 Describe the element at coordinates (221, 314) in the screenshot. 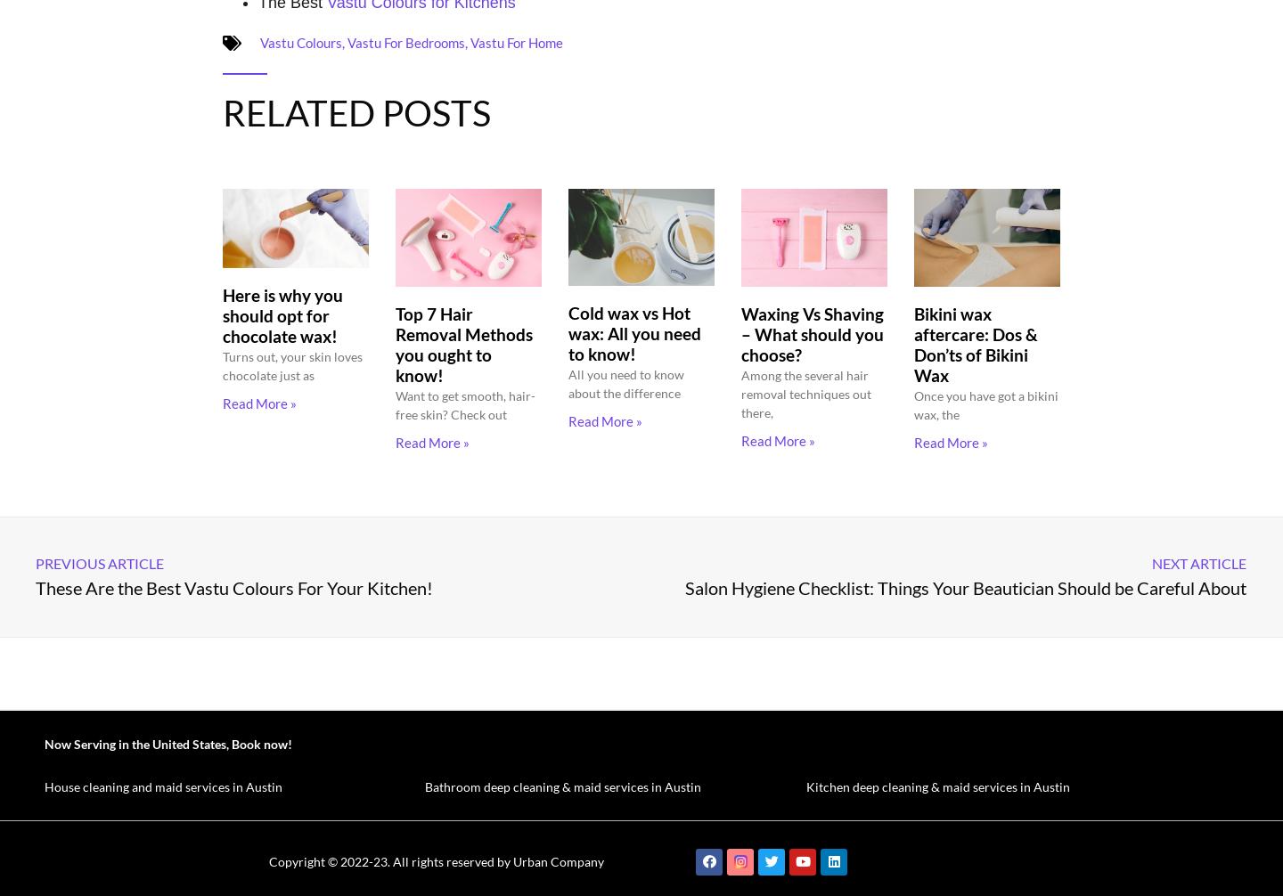

I see `'Here is why you should opt for chocolate wax!'` at that location.